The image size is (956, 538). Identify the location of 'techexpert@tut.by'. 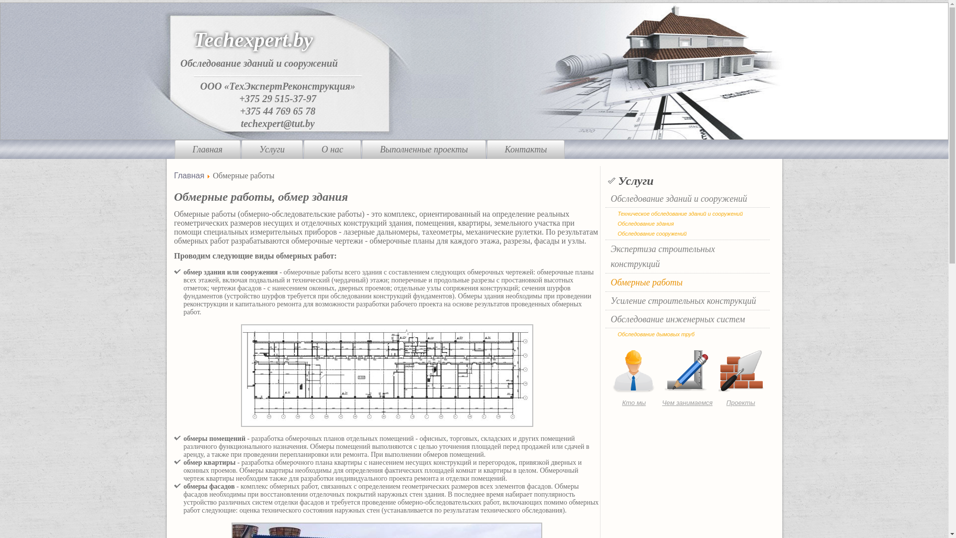
(241, 122).